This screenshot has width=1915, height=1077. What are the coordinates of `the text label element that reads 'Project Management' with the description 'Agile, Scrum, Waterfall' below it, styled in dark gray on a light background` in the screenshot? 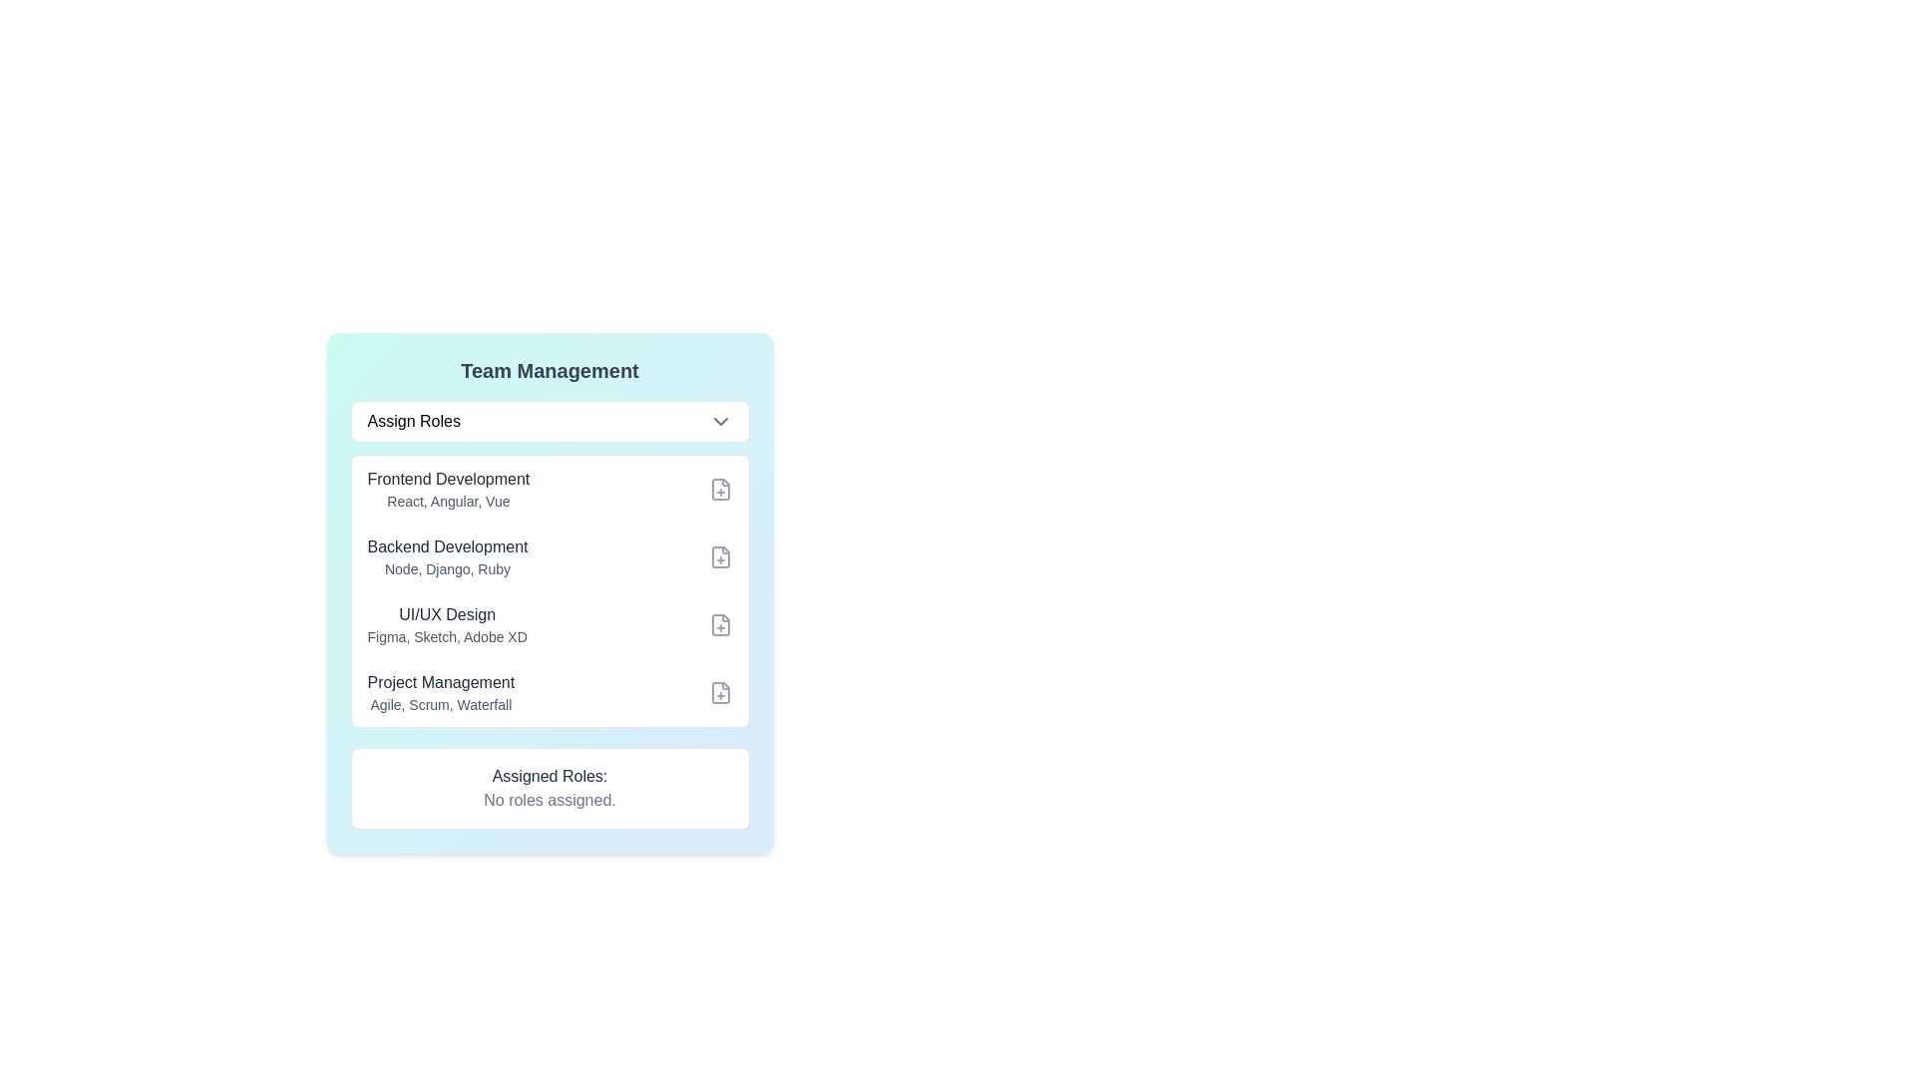 It's located at (440, 691).